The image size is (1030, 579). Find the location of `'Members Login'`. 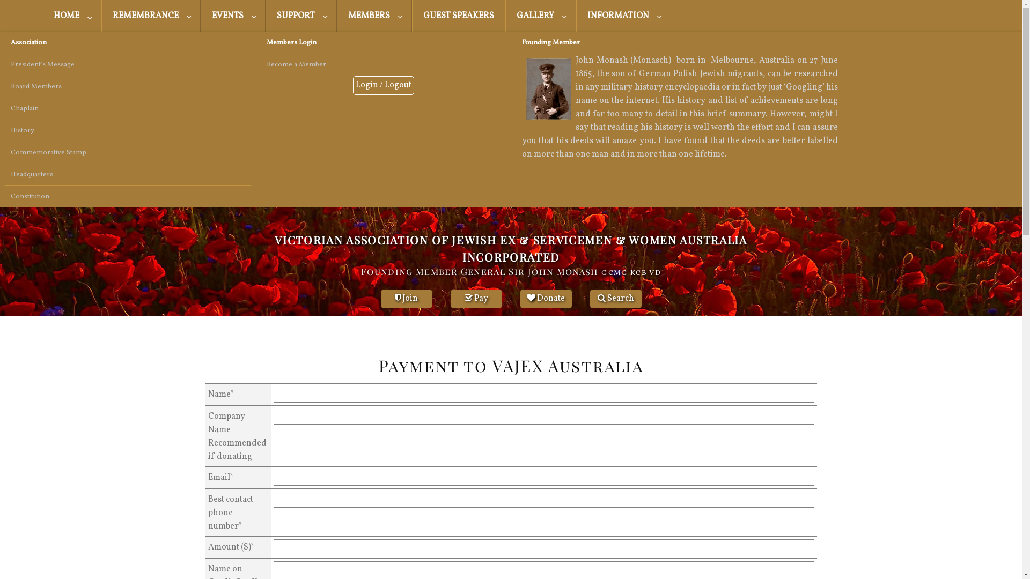

'Members Login' is located at coordinates (254, 42).